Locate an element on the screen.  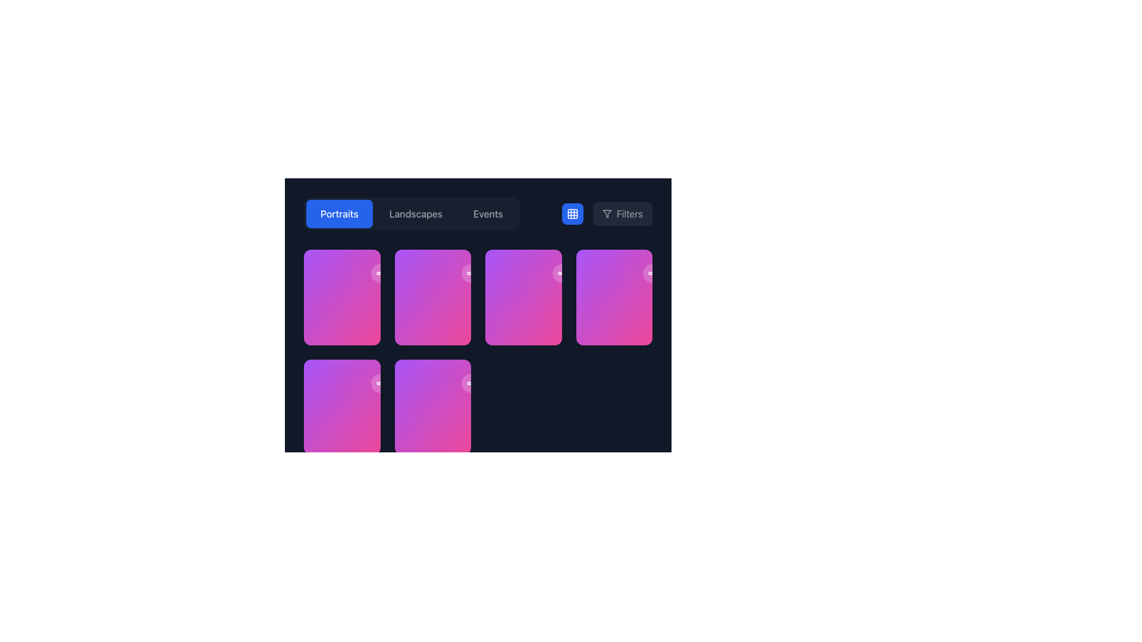
the 'Landscapes' button on the Tab Navigation Bar is located at coordinates (412, 213).